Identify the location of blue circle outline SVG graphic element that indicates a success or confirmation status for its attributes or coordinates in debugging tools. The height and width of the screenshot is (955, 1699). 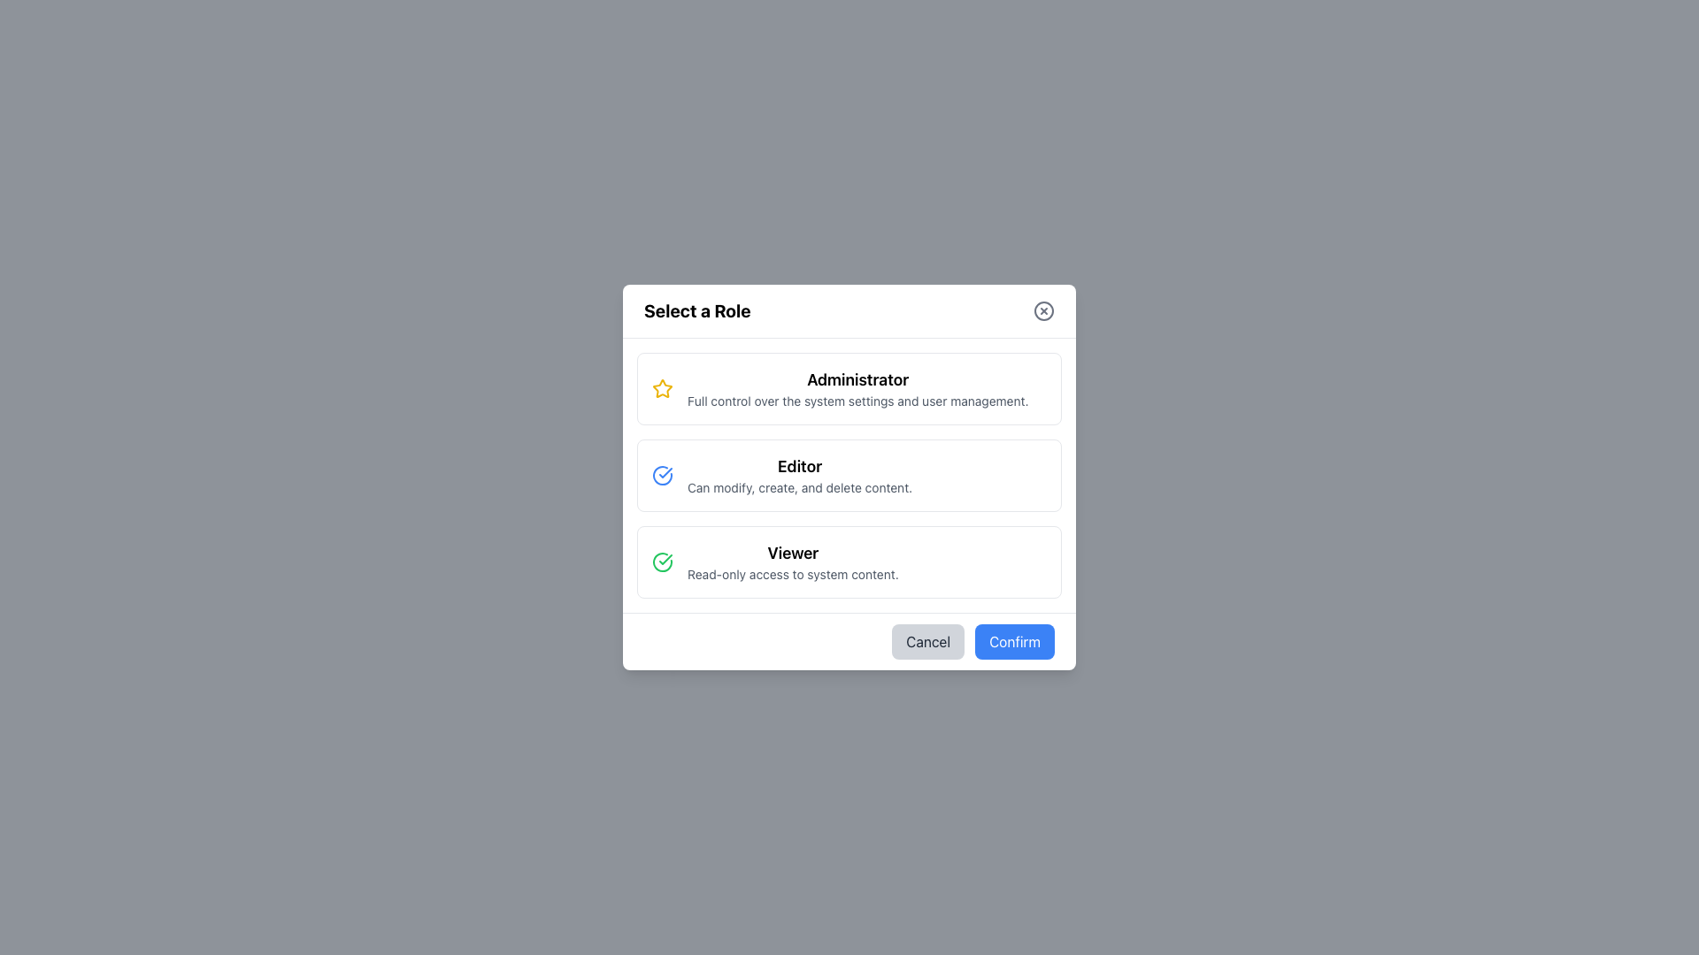
(661, 474).